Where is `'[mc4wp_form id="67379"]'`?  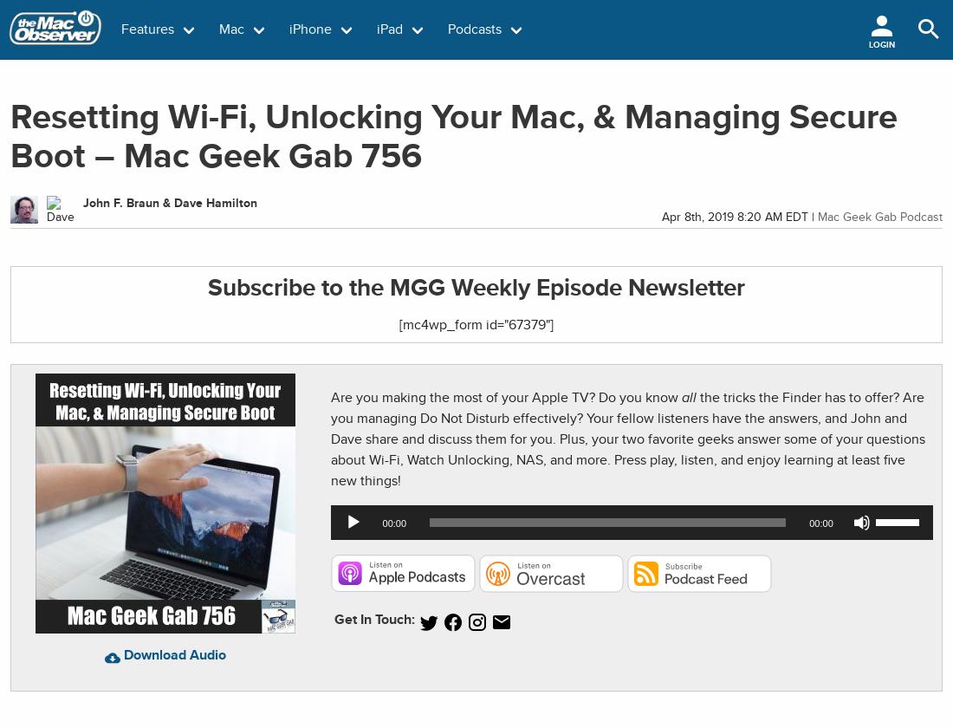 '[mc4wp_form id="67379"]' is located at coordinates (476, 324).